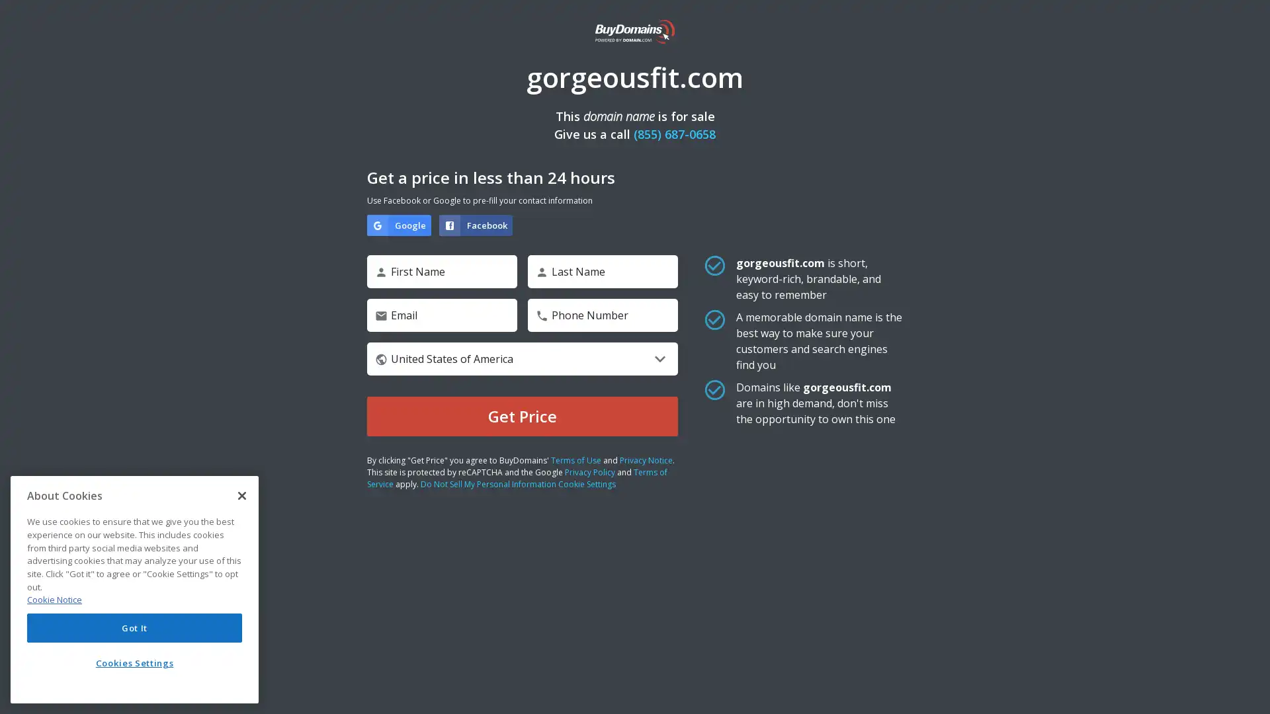 The image size is (1270, 714). I want to click on Explore your accessibility options, so click(1248, 690).